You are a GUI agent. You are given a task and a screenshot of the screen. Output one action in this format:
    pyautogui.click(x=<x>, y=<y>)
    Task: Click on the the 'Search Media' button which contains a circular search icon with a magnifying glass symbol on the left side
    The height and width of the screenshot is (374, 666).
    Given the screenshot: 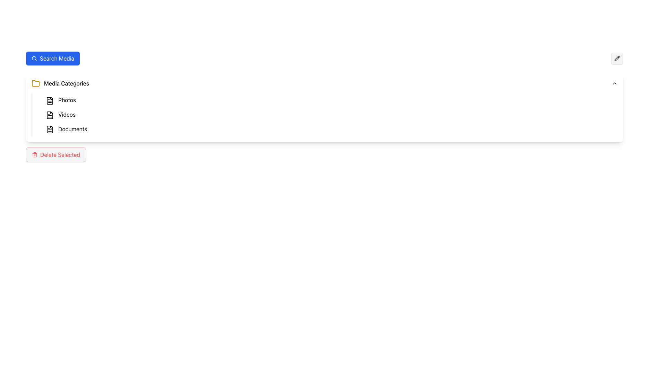 What is the action you would take?
    pyautogui.click(x=34, y=58)
    